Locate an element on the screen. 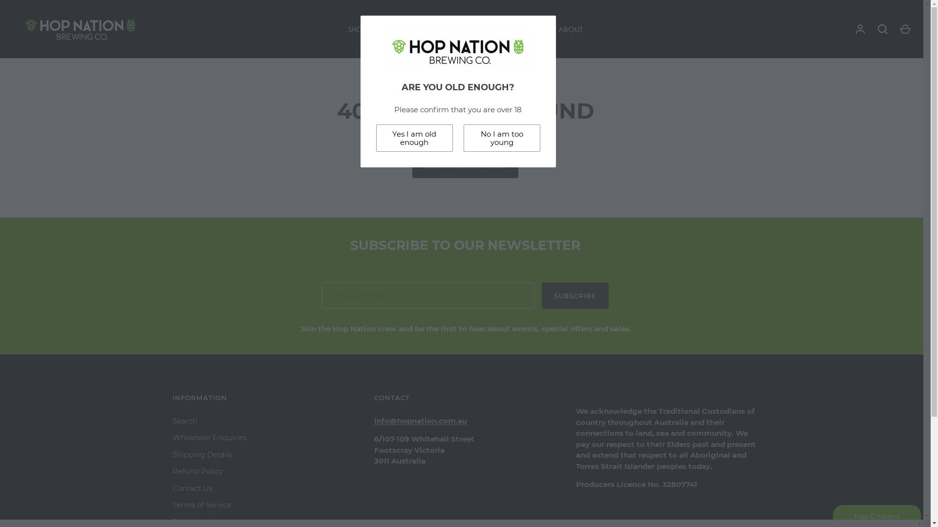 The width and height of the screenshot is (938, 527). 'Terms of Service' is located at coordinates (171, 505).